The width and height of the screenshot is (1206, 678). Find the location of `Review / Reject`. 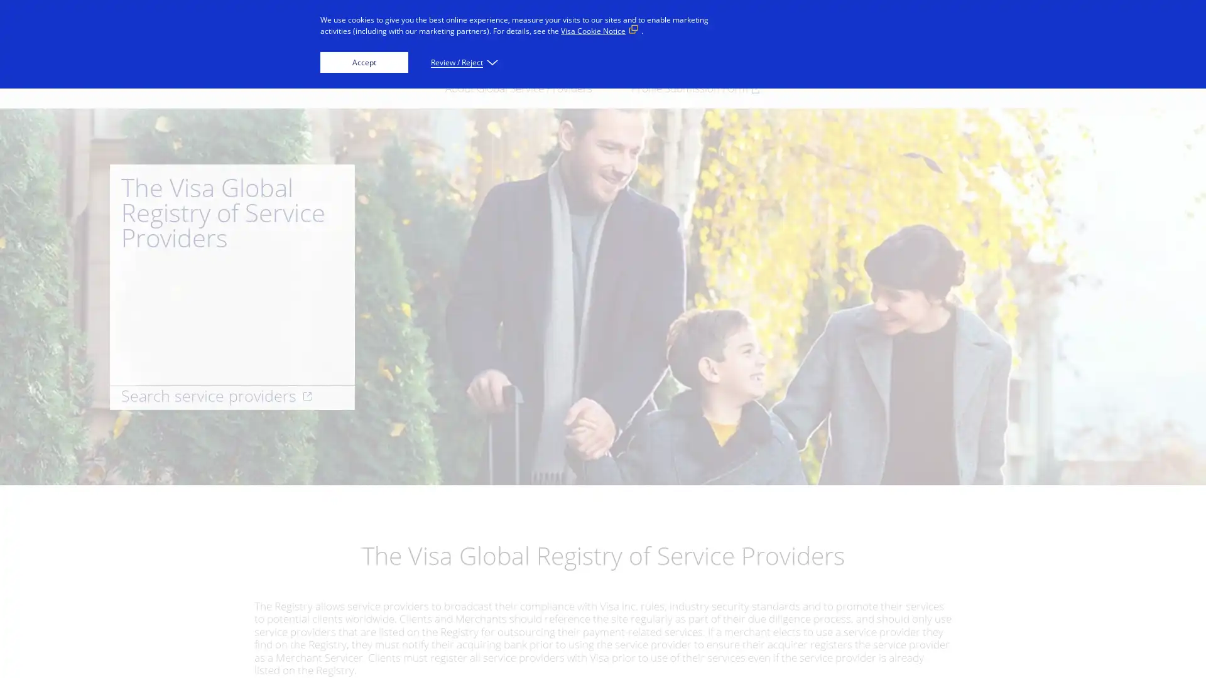

Review / Reject is located at coordinates (462, 62).